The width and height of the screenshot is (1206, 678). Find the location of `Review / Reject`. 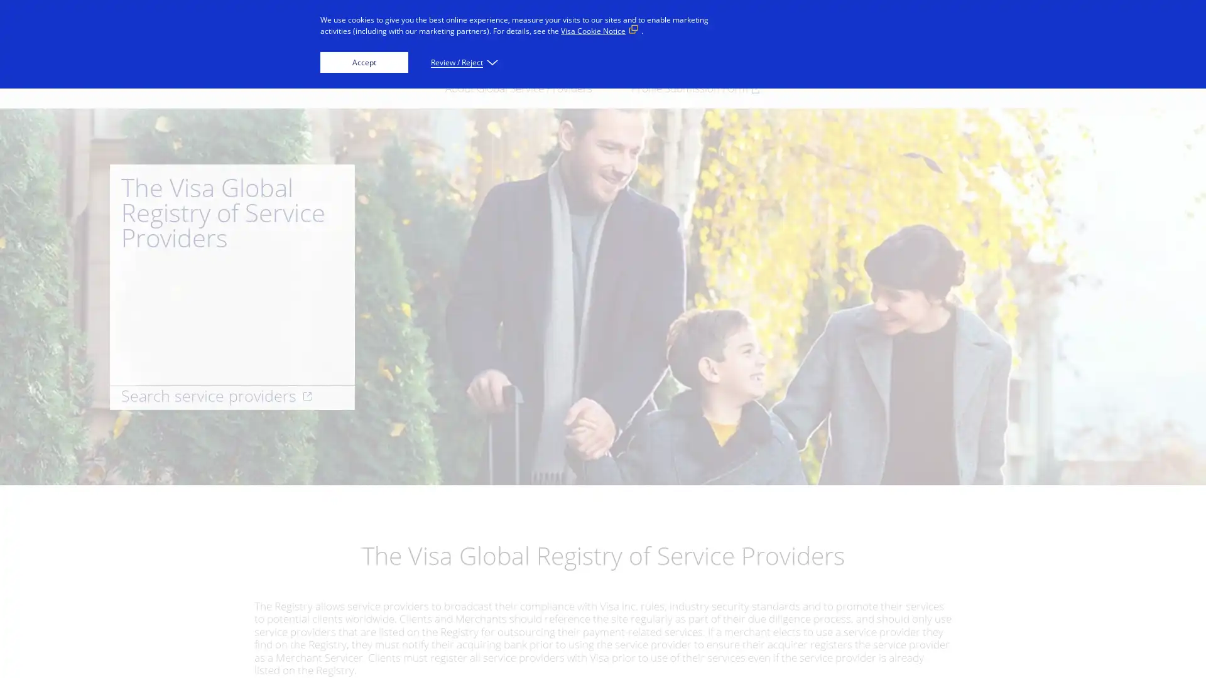

Review / Reject is located at coordinates (462, 62).